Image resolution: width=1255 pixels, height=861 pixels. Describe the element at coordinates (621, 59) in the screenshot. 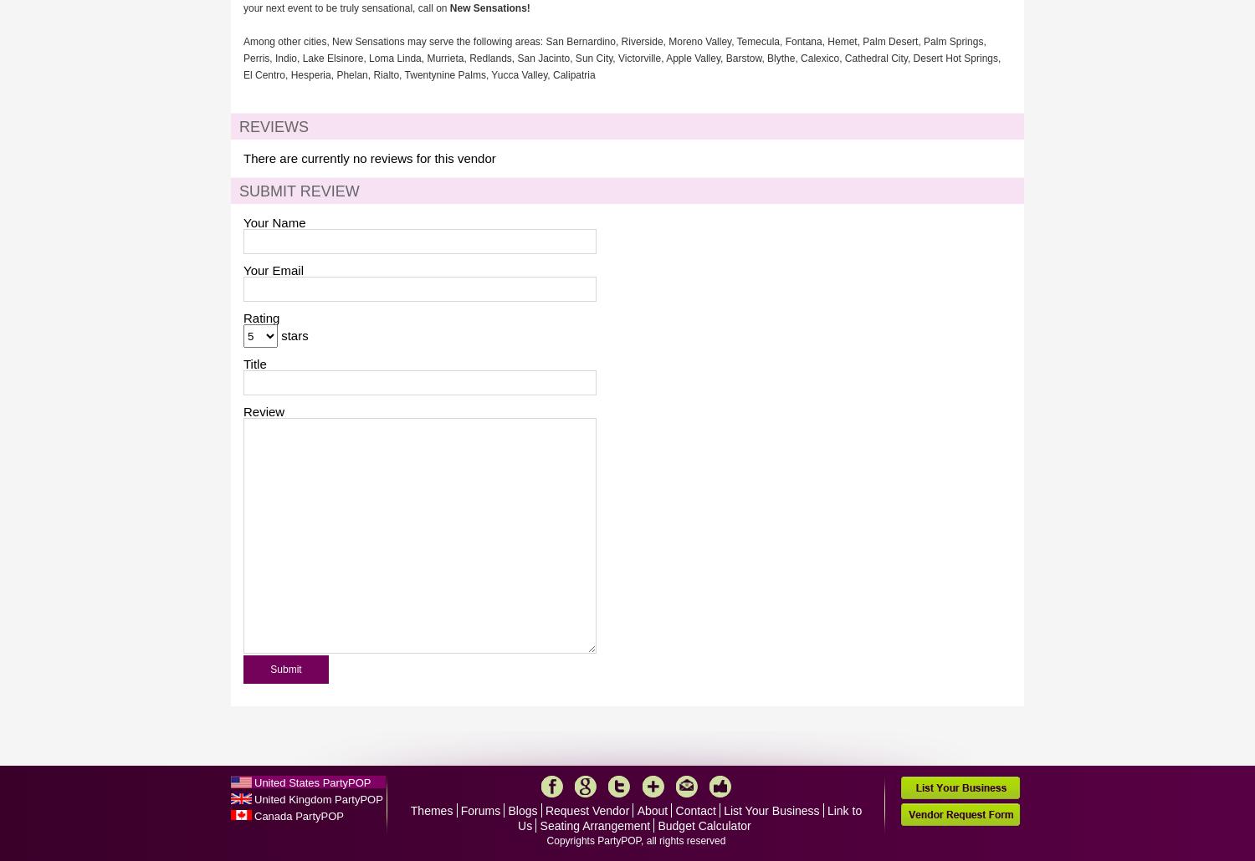

I see `'Among other cities, New Sensations may serve the following areas: San Bernardino, Riverside, Moreno Valley, Temecula, Fontana, Hemet, Palm Desert, Palm Springs, Perris, Indio, Lake Elsinore, Loma Linda, Murrieta, Redlands, San Jacinto, Sun City, Victorville, Apple Valley, Barstow, Blythe, Calexico, Cathedral City, Desert Hot Springs, El Centro, Hesperia, Phelan, Rialto, Twentynine Palms, Yucca Valley, Calipatria'` at that location.